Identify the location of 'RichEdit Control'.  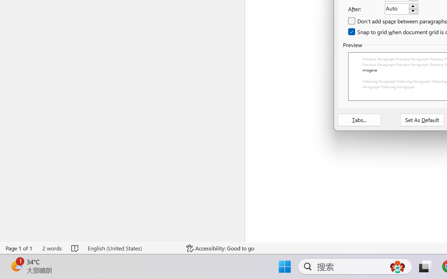
(397, 9).